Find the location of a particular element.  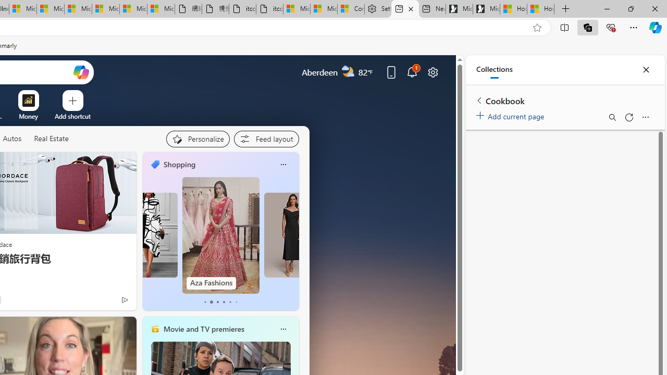

'Class: icon-img' is located at coordinates (283, 329).